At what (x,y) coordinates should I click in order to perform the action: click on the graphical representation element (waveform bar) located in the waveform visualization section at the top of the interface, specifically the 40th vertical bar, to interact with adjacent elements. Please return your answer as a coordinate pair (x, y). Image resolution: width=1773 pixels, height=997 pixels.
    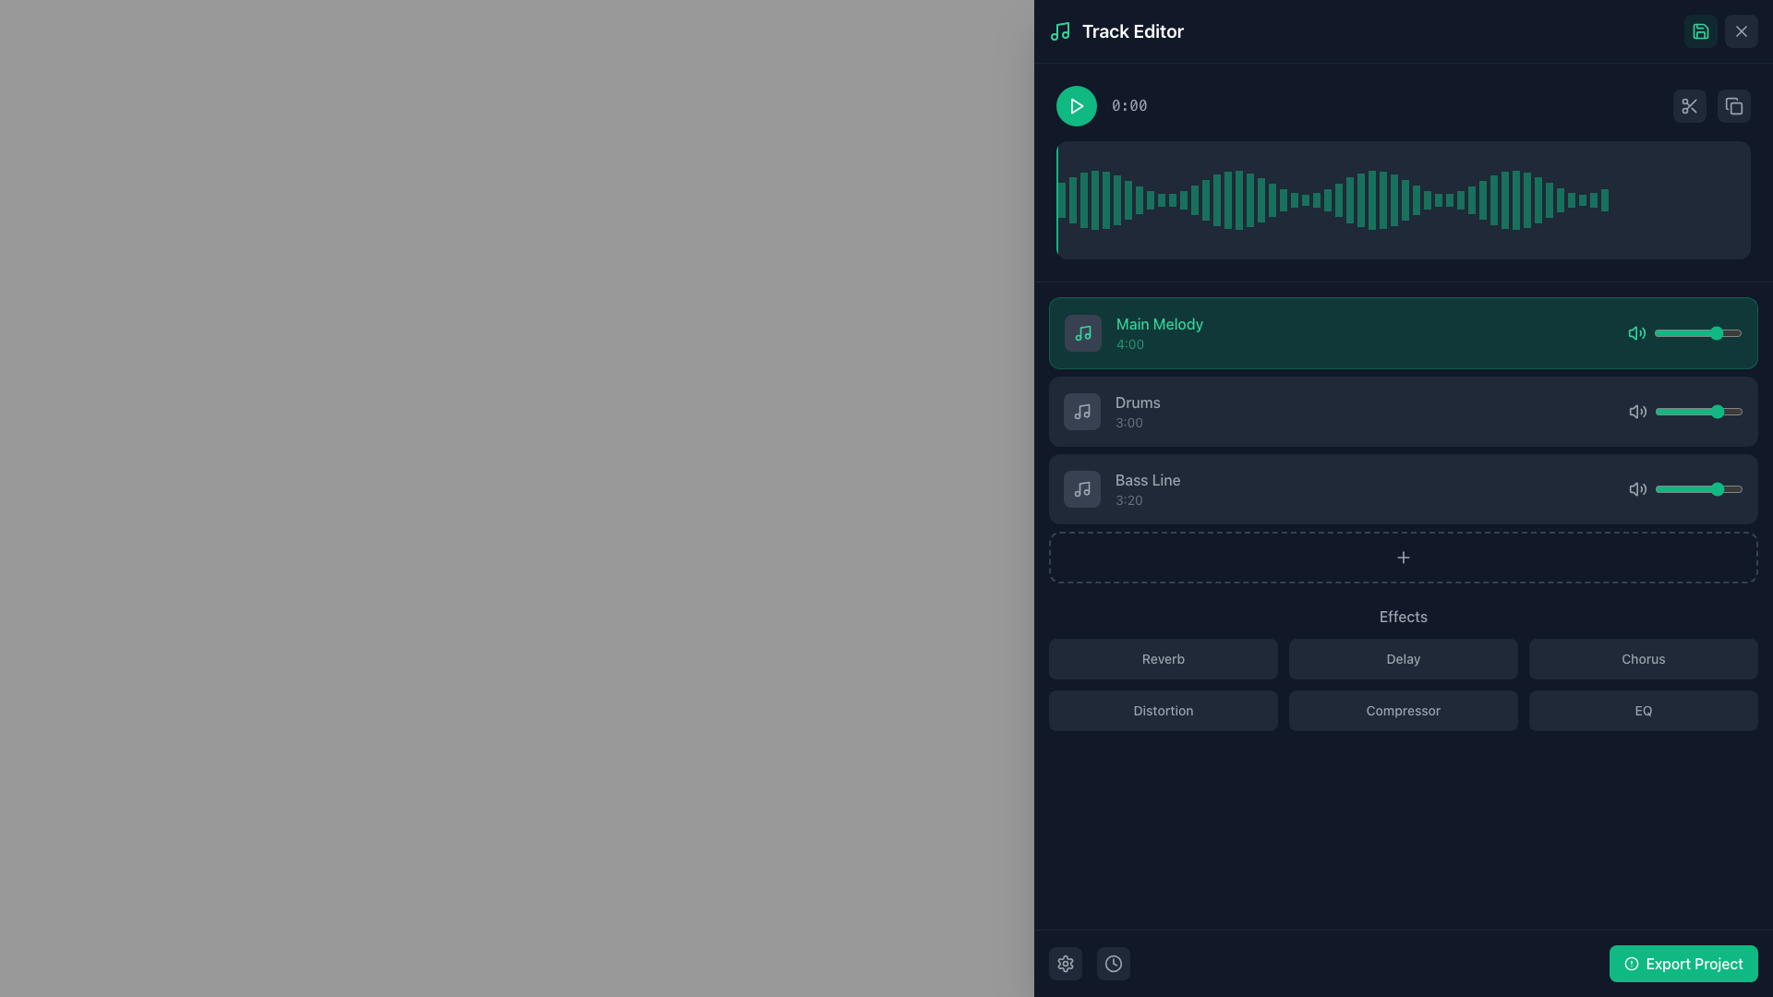
    Looking at the image, I should click on (1460, 199).